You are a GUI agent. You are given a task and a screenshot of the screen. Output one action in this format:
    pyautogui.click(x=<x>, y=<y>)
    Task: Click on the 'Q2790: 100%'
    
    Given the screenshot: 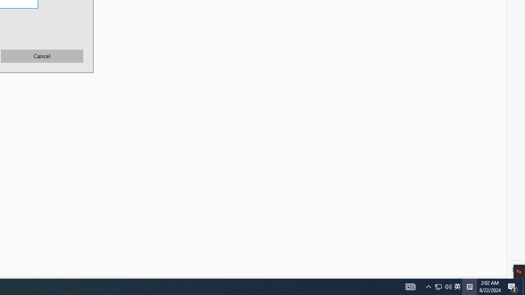 What is the action you would take?
    pyautogui.click(x=457, y=286)
    